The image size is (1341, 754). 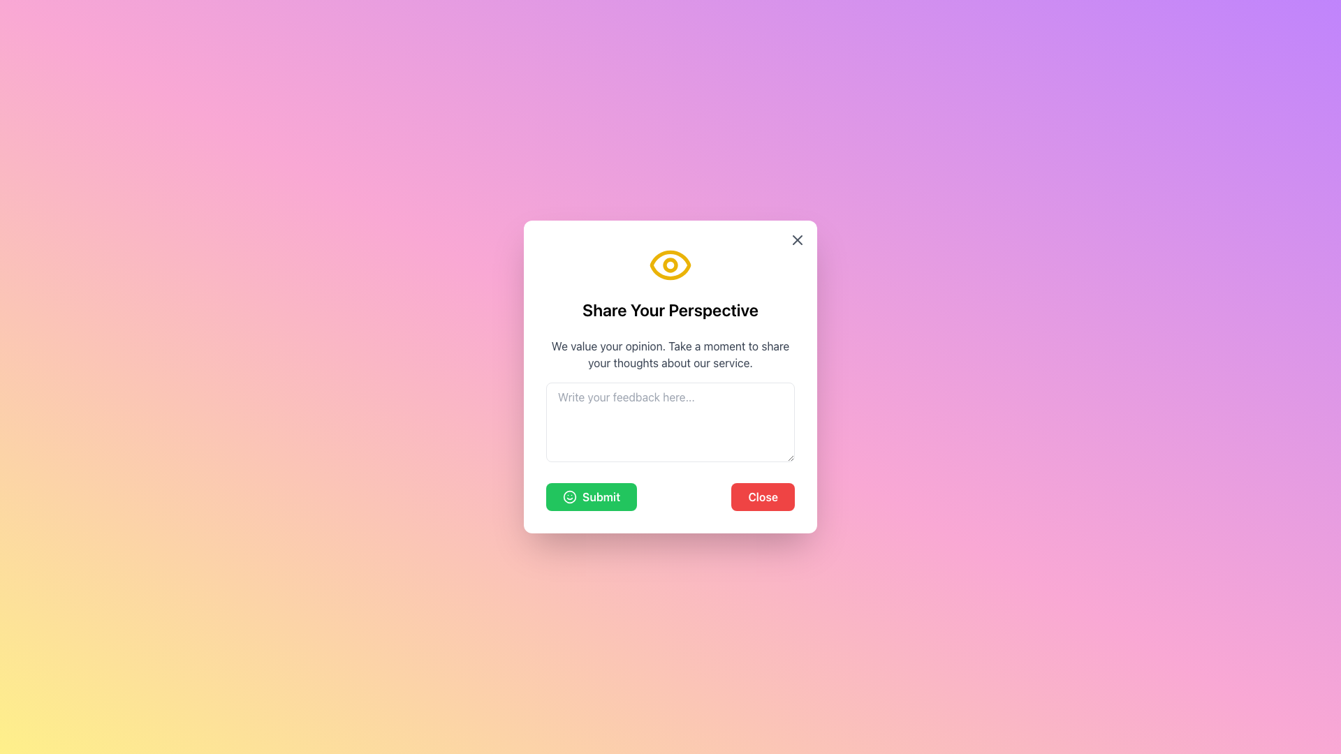 What do you see at coordinates (670, 265) in the screenshot?
I see `the non-interactive circular graphical element resembling a pupil, located at the center of the eye-shaped icon` at bounding box center [670, 265].